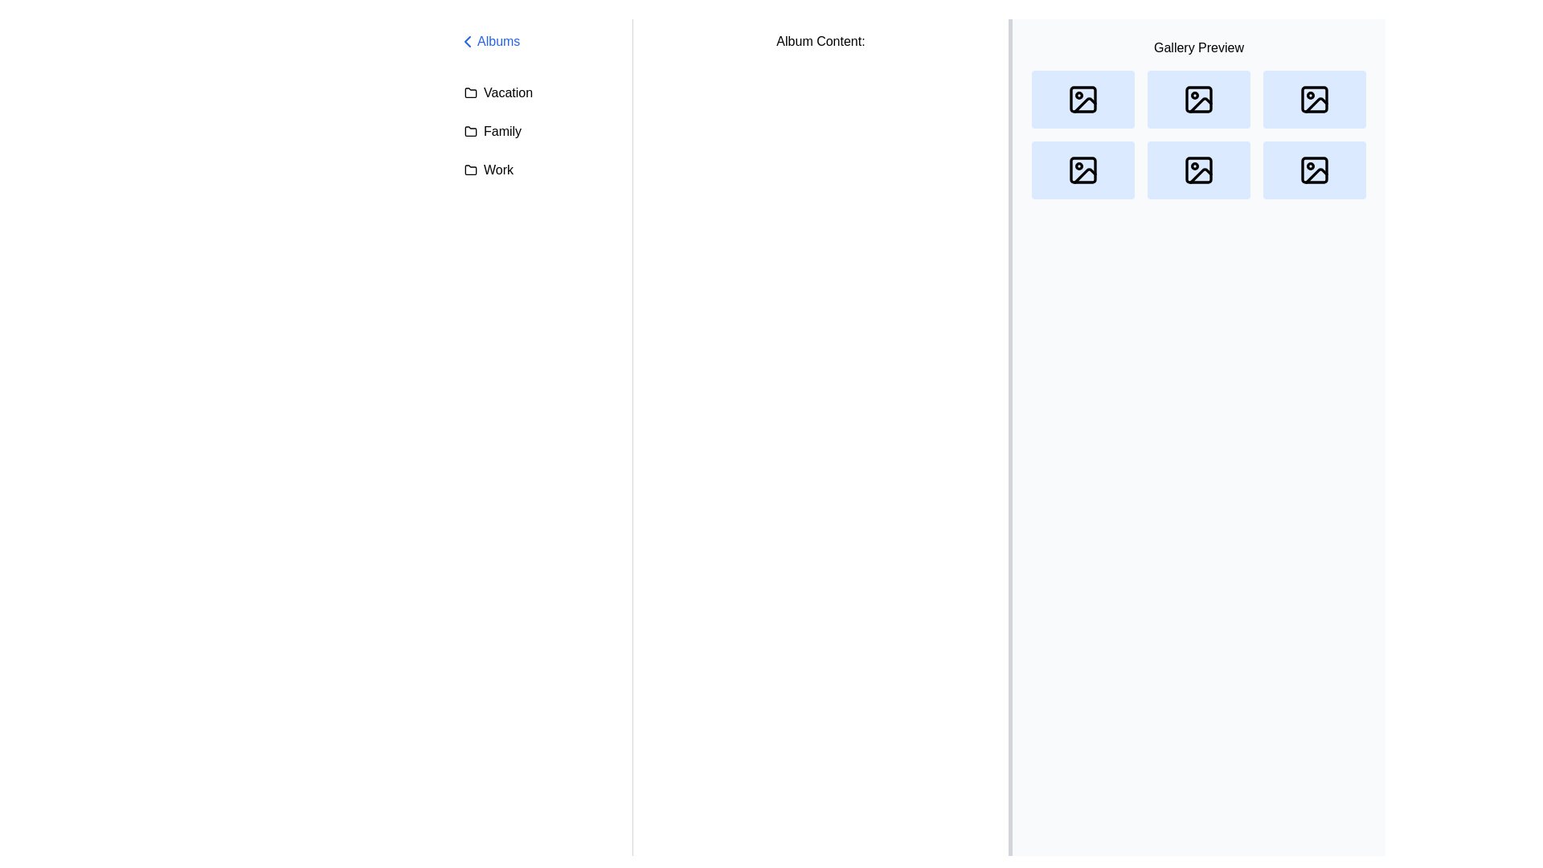 This screenshot has height=868, width=1543. Describe the element at coordinates (538, 170) in the screenshot. I see `the 'Work' category entry in the left-side navigation pane` at that location.